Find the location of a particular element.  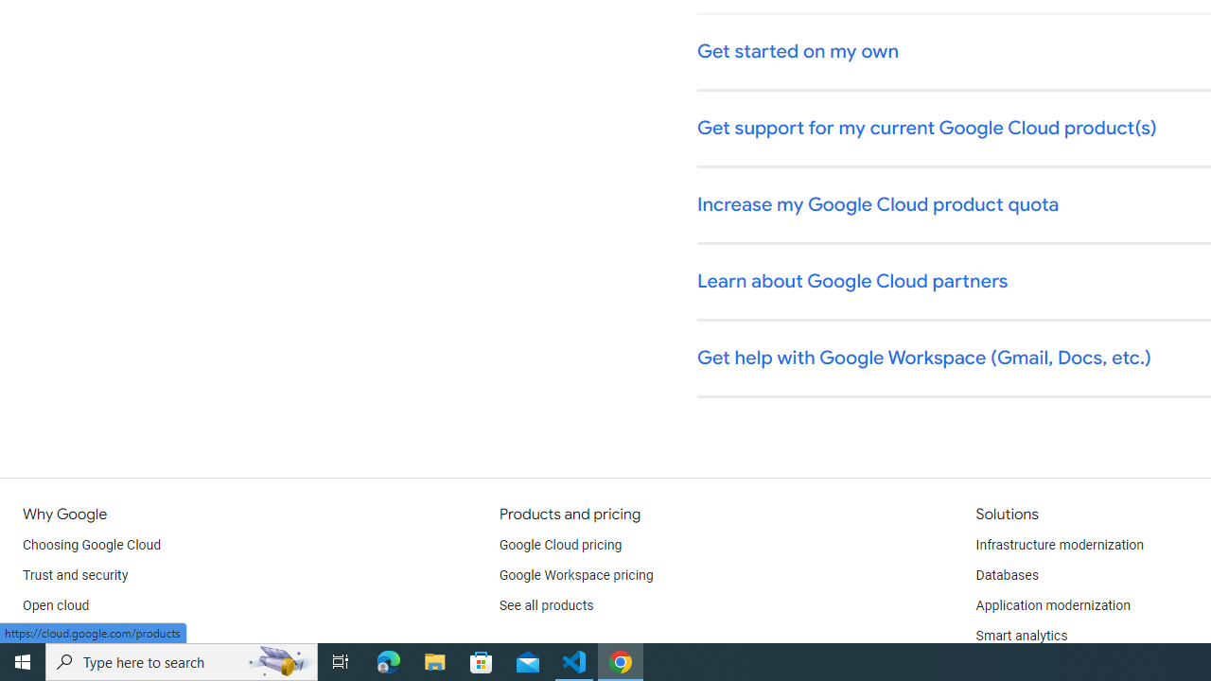

'Choosing Google Cloud' is located at coordinates (91, 546).